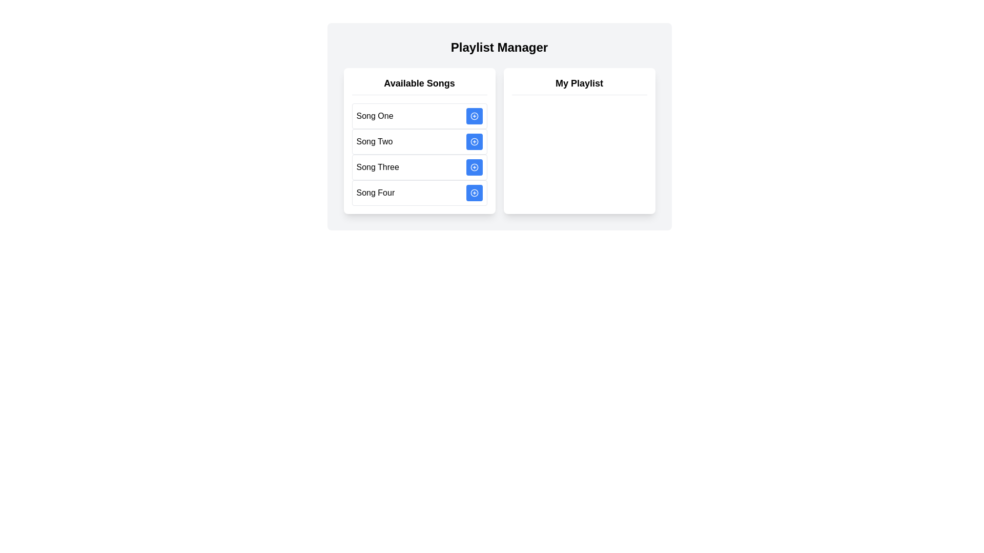  Describe the element at coordinates (474, 142) in the screenshot. I see `'Add' button next to the song titled Song Two to add it to the playlist` at that location.